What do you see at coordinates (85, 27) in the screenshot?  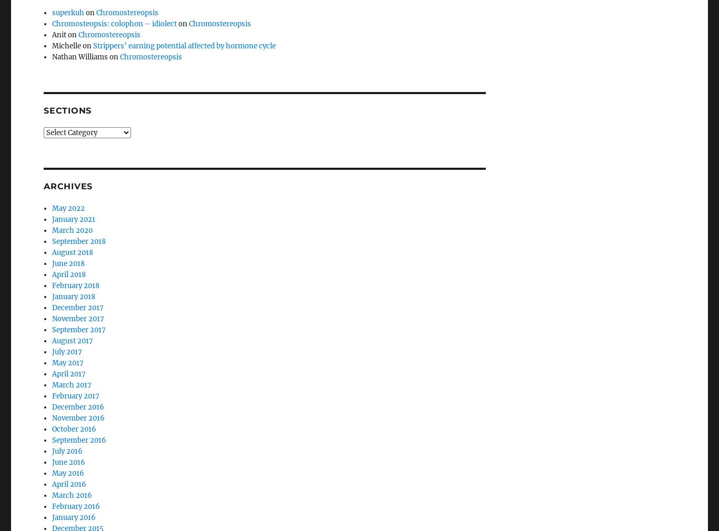 I see `'Nathan Williams on'` at bounding box center [85, 27].